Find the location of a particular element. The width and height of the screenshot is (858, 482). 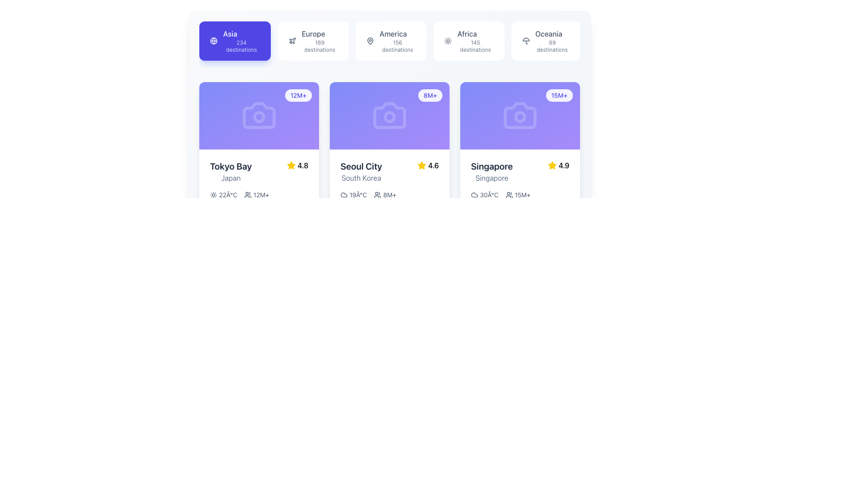

the 'Tokyo Bay' text label is located at coordinates (231, 166).